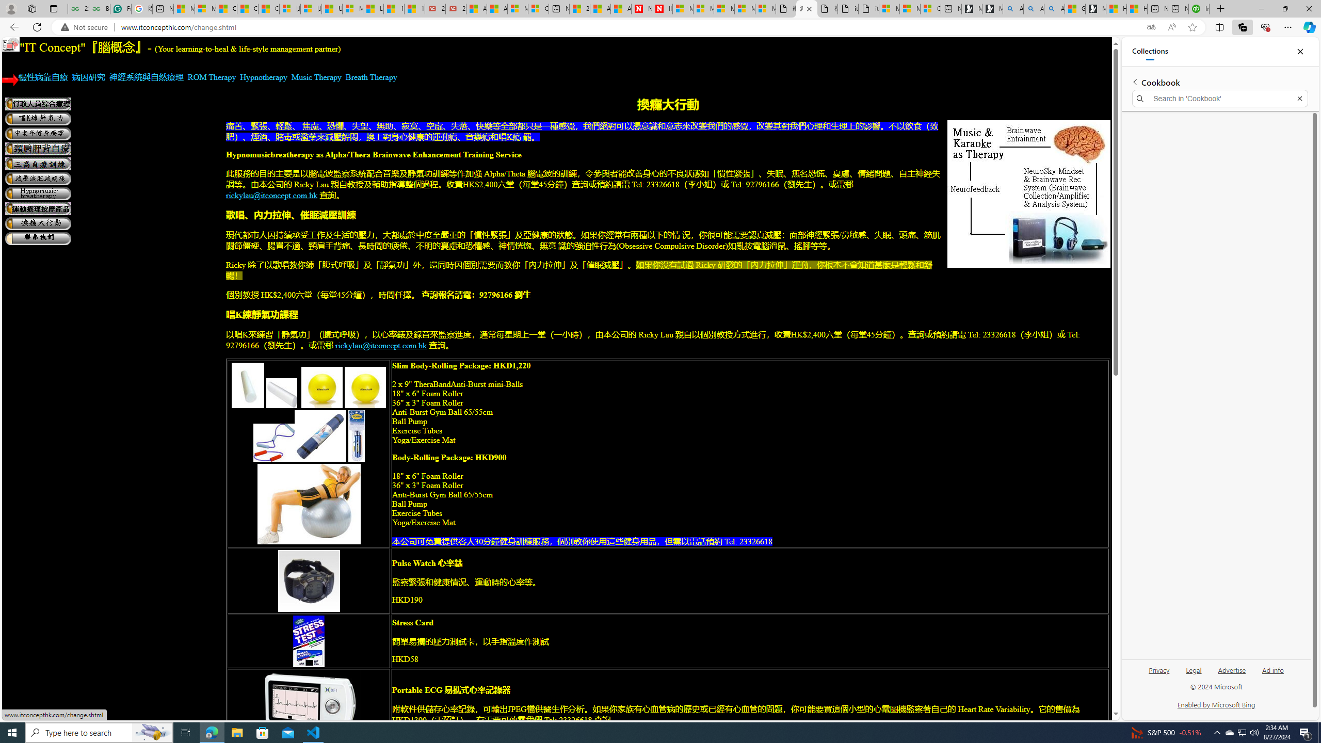 The image size is (1321, 743). What do you see at coordinates (1193, 673) in the screenshot?
I see `'Legal'` at bounding box center [1193, 673].